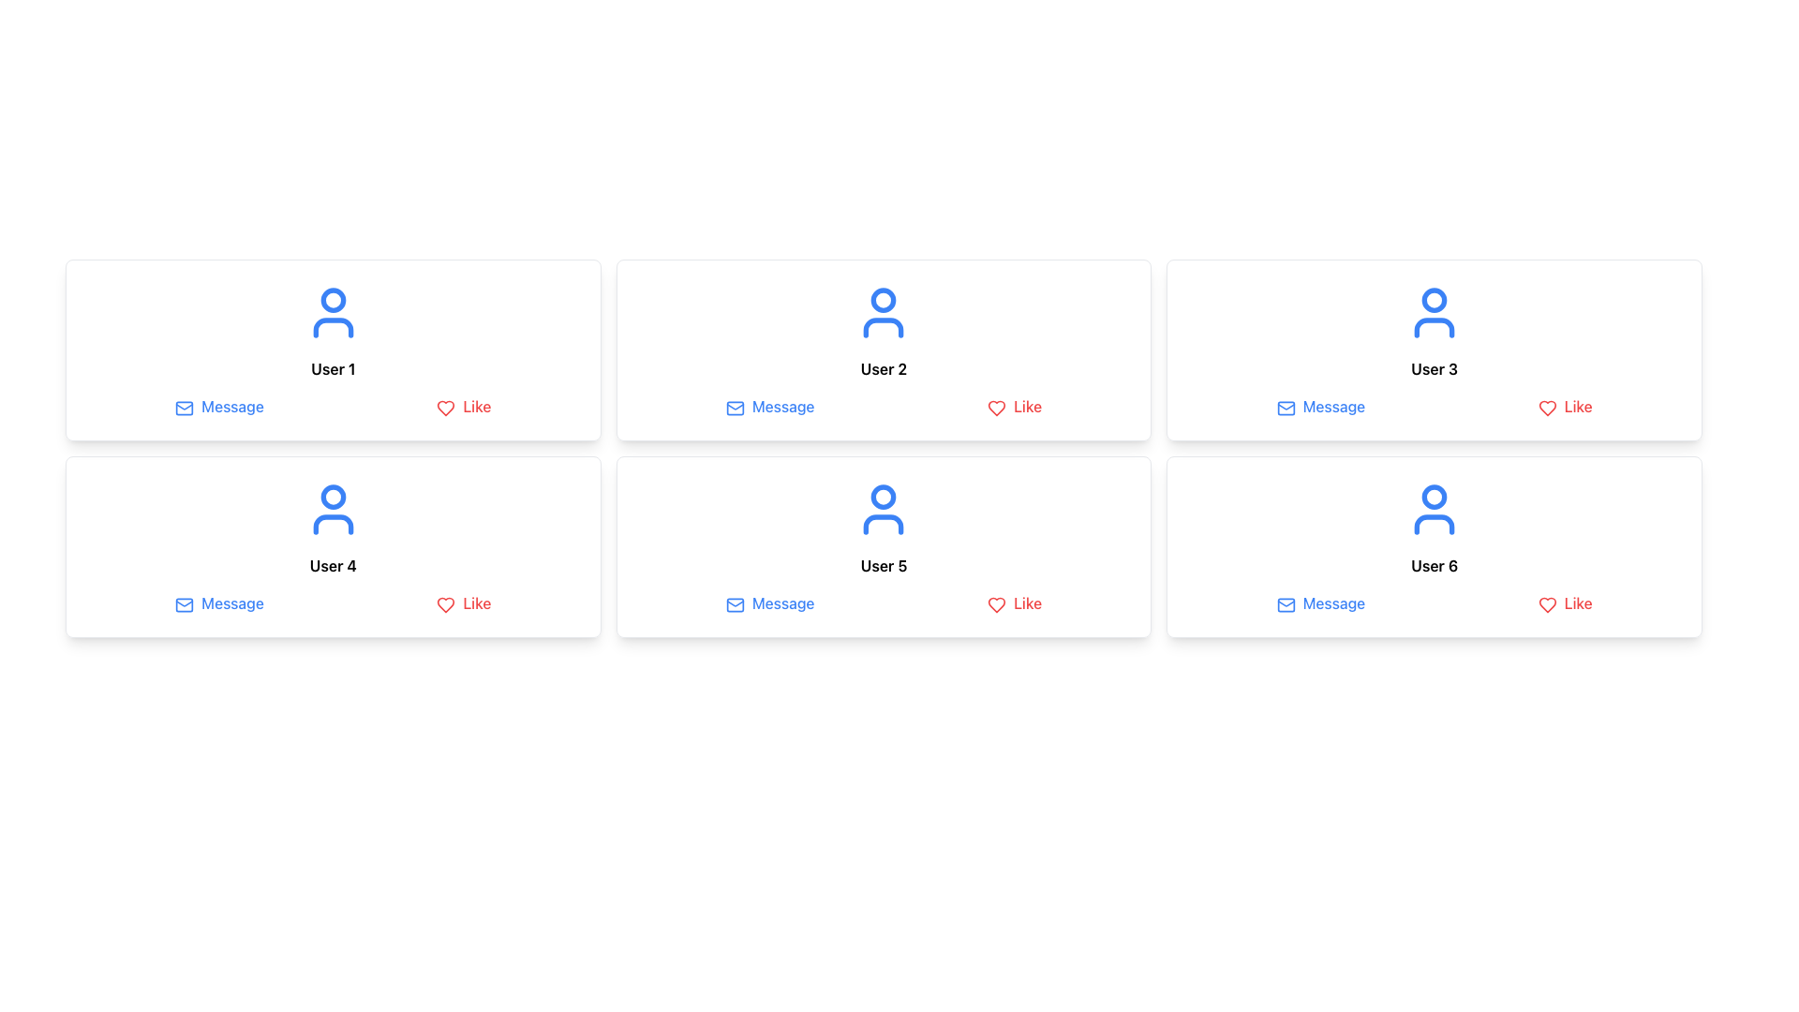 The height and width of the screenshot is (1012, 1799). Describe the element at coordinates (185, 407) in the screenshot. I see `the decorative vector element located at the top-left corner of the envelope icon that represents the 'Message' button under 'User 1' card in the first row, first column of the grid` at that location.